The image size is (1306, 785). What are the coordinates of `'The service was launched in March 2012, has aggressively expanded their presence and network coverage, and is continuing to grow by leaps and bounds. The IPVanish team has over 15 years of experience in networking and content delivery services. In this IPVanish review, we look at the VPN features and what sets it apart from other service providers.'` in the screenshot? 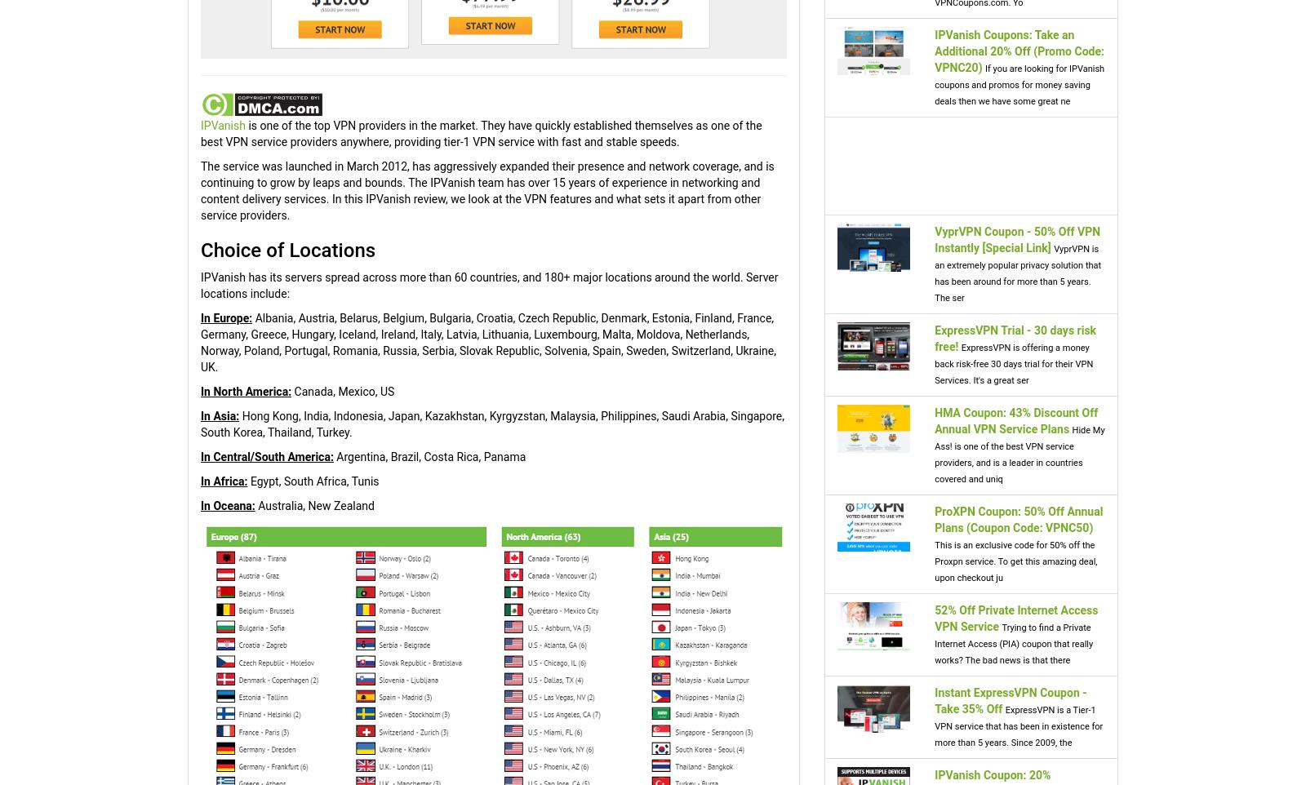 It's located at (486, 189).